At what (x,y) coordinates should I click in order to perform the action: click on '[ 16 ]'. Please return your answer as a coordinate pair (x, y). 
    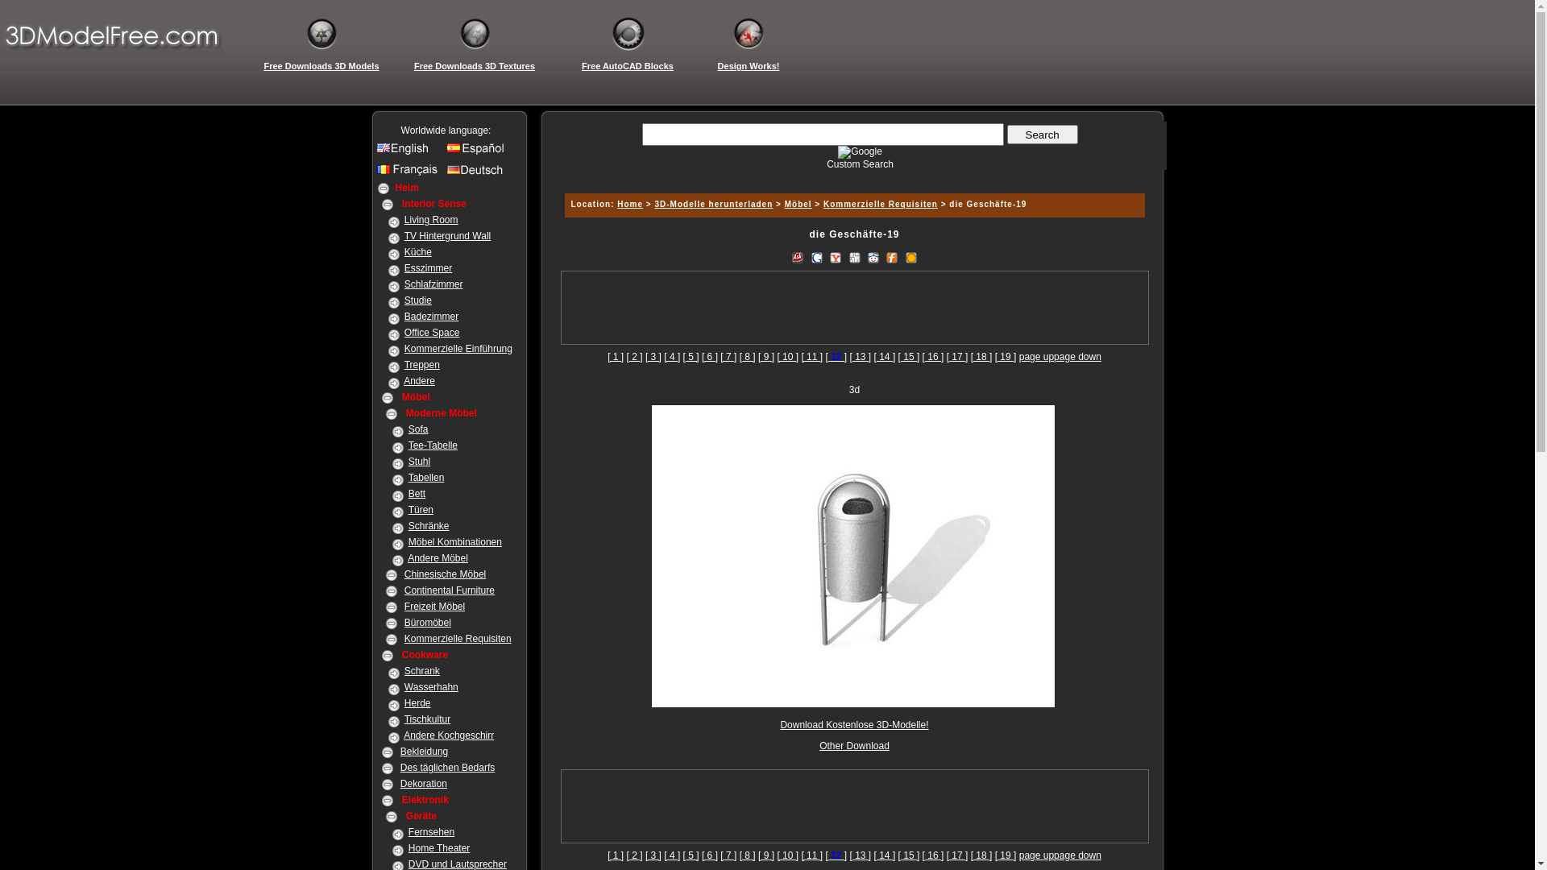
    Looking at the image, I should click on (923, 356).